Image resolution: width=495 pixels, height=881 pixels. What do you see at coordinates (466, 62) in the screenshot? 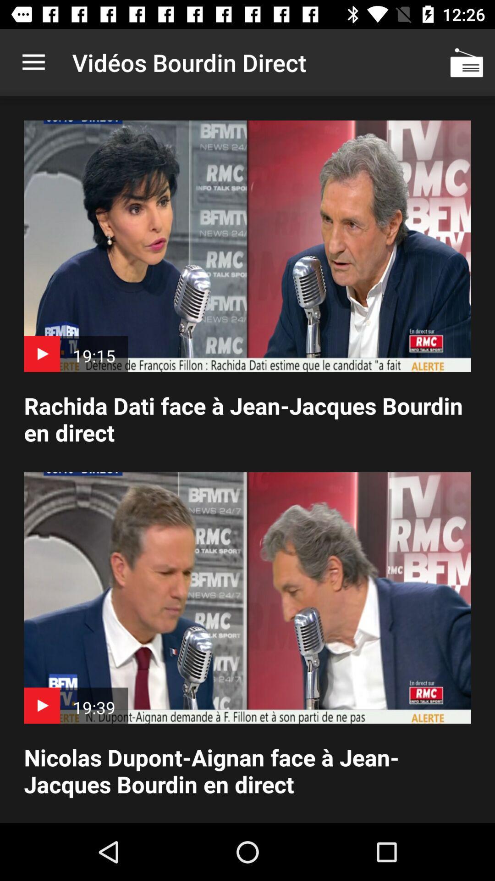
I see `icon at the top right corner` at bounding box center [466, 62].